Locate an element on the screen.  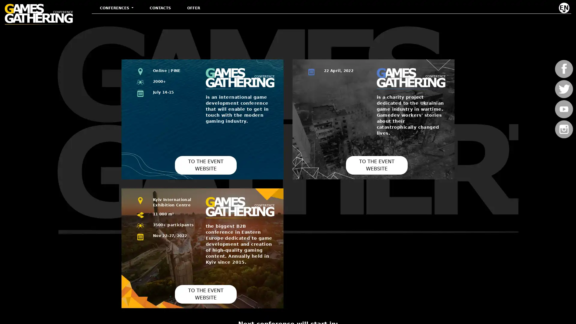
EN is located at coordinates (564, 8).